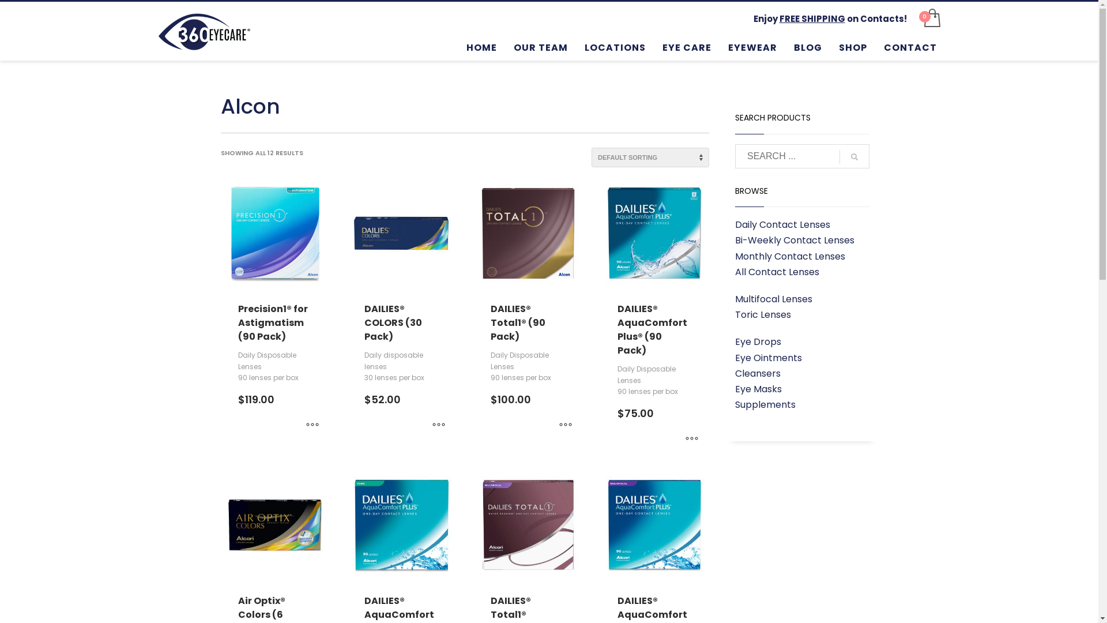 The image size is (1107, 623). What do you see at coordinates (481, 46) in the screenshot?
I see `'HOME'` at bounding box center [481, 46].